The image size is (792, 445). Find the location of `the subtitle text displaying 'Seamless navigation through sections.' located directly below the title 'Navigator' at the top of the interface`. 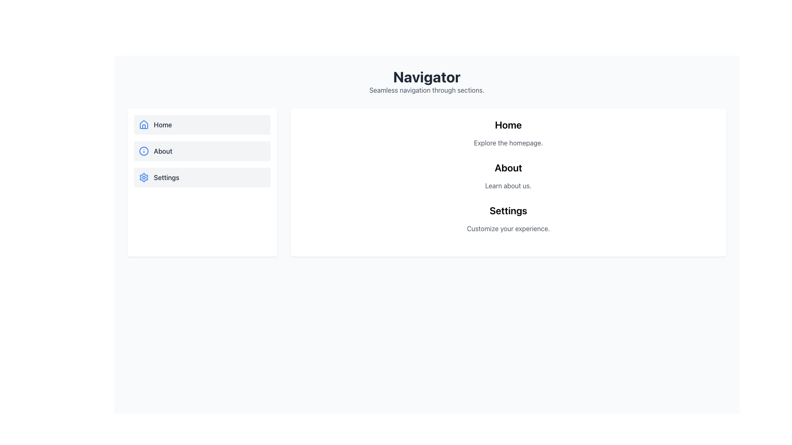

the subtitle text displaying 'Seamless navigation through sections.' located directly below the title 'Navigator' at the top of the interface is located at coordinates (427, 90).